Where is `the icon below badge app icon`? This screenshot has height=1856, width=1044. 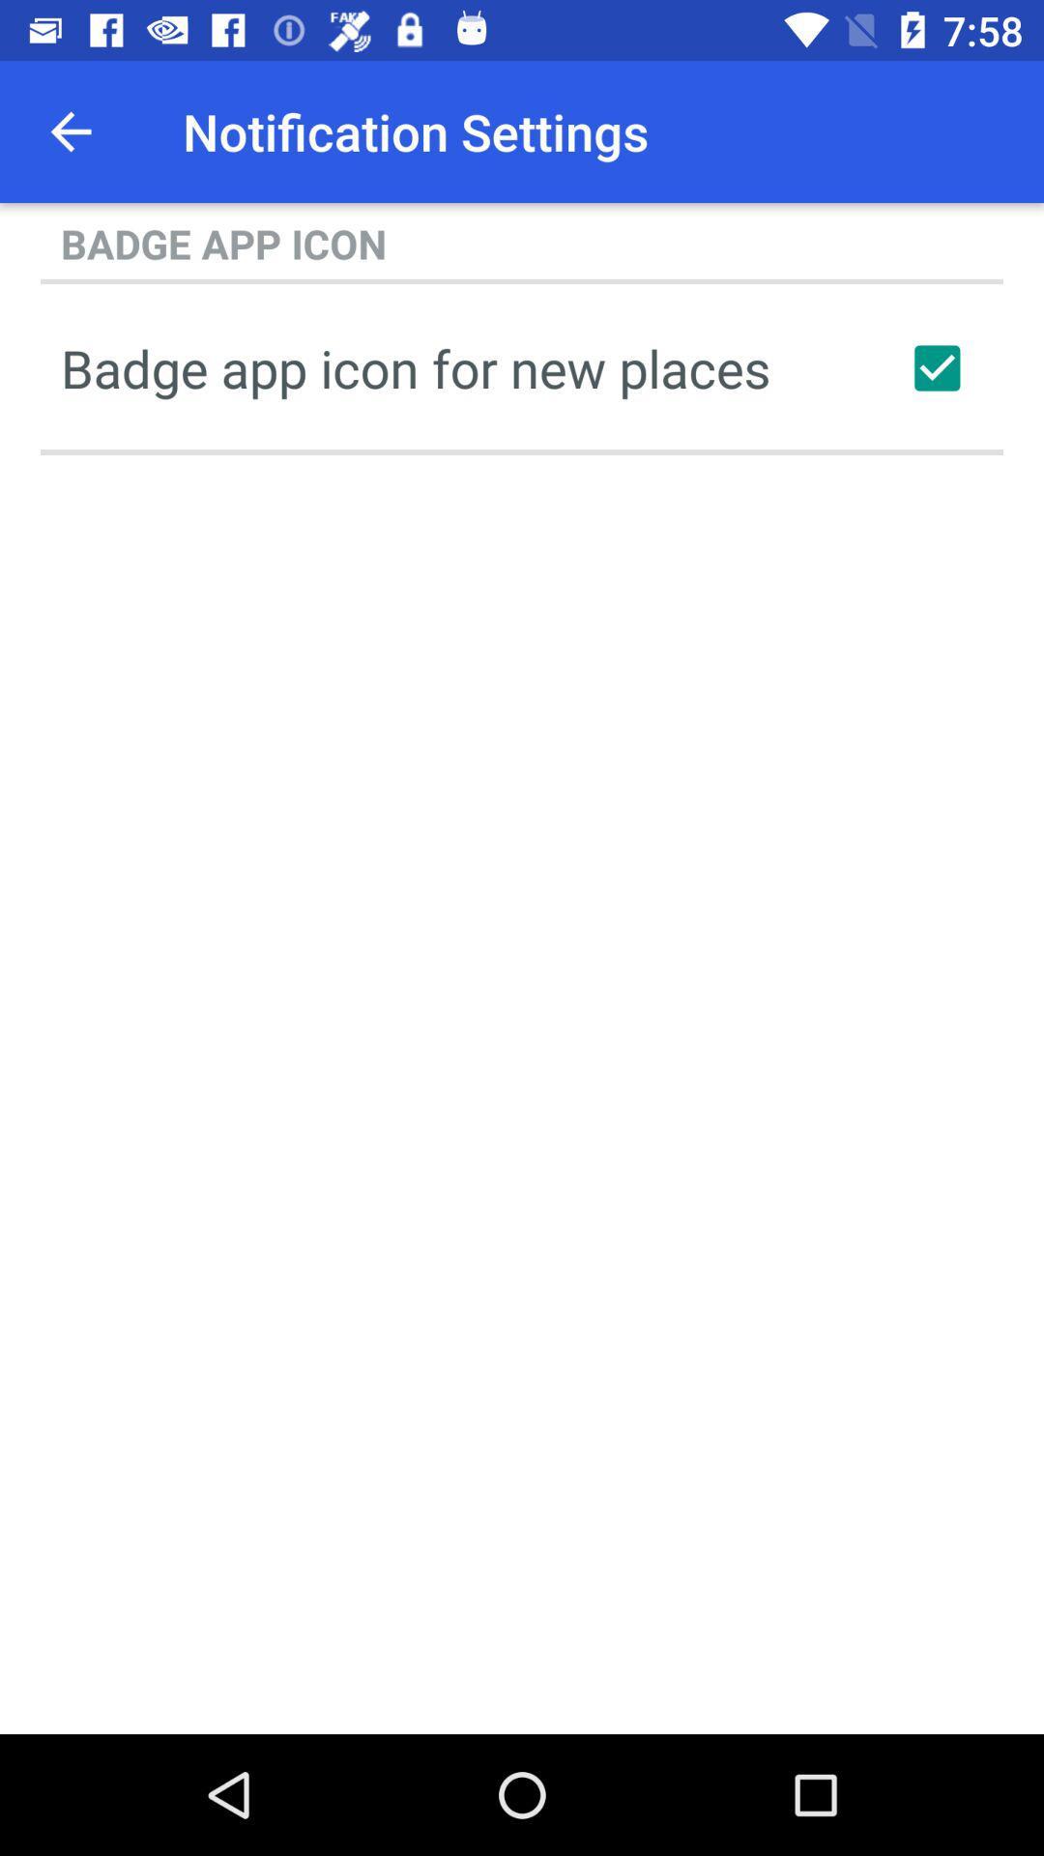 the icon below badge app icon is located at coordinates (936, 367).